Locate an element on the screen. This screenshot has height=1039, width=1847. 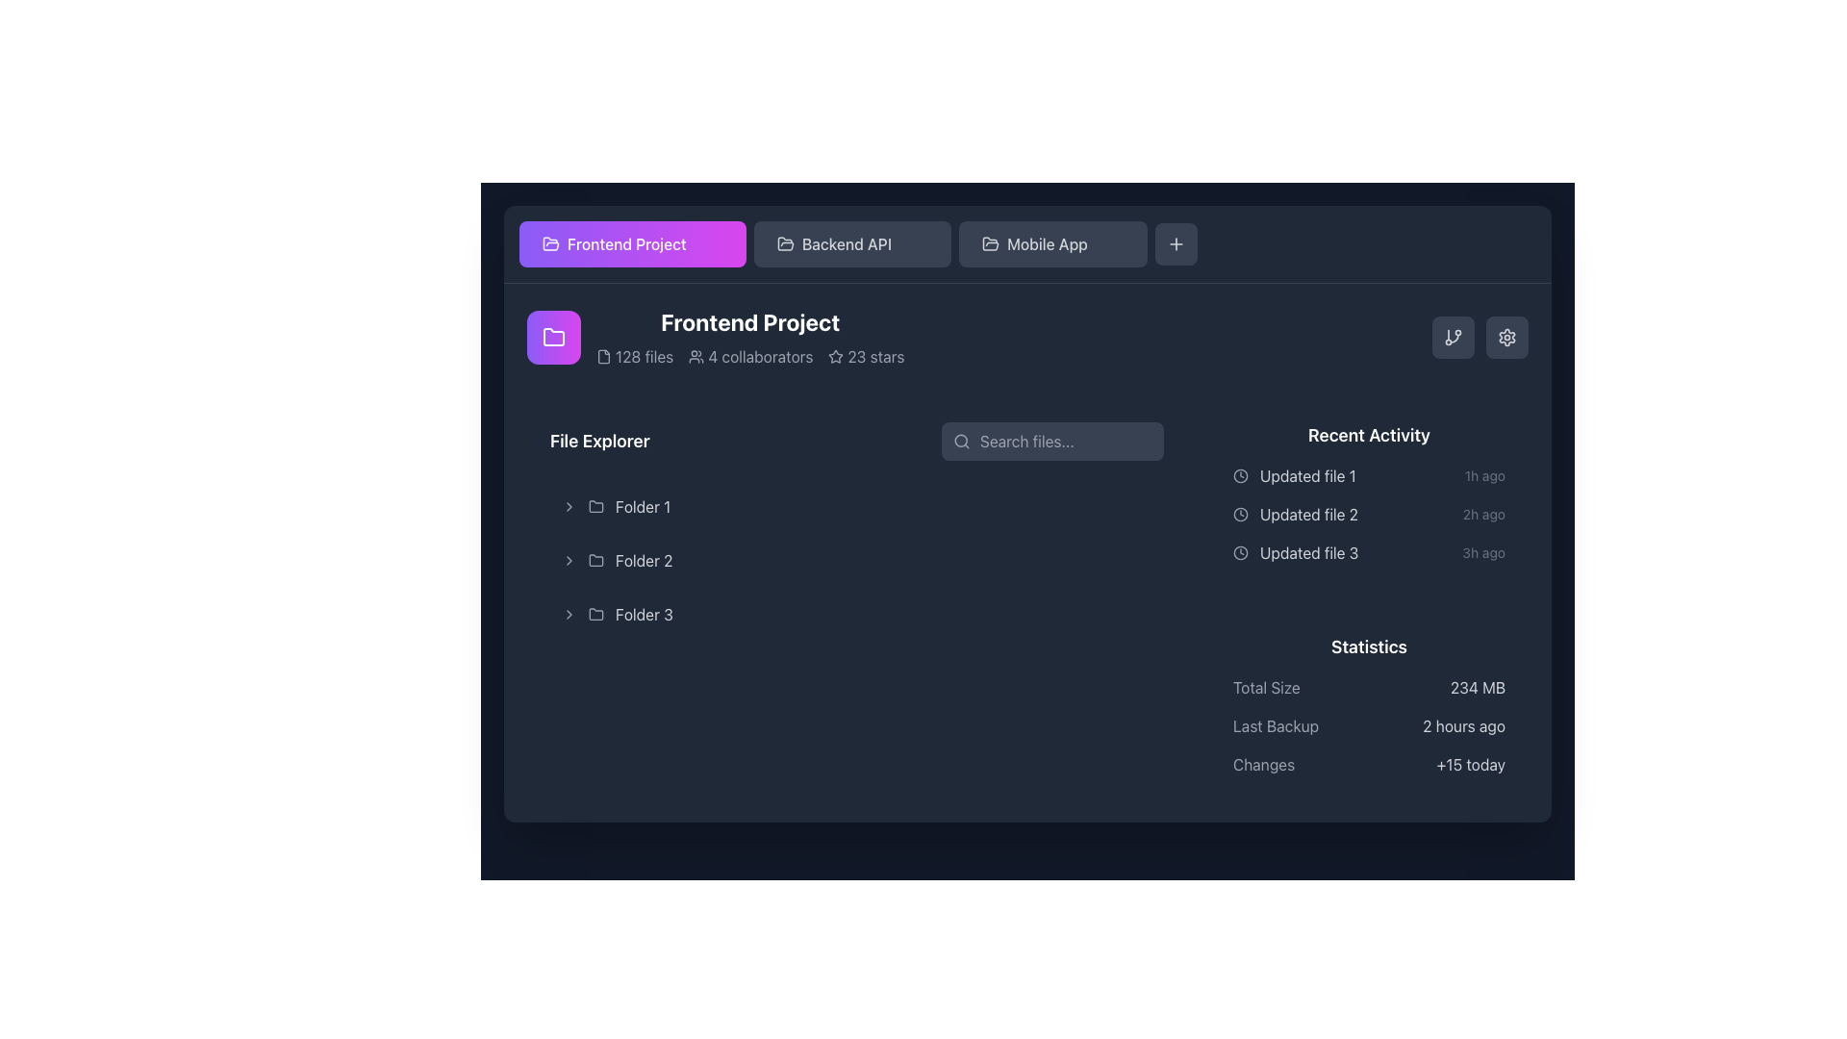
the file icon that represents a collection of files, located to the left of the '128 files' text, which is below the 'Frontend Project' header is located at coordinates (603, 356).